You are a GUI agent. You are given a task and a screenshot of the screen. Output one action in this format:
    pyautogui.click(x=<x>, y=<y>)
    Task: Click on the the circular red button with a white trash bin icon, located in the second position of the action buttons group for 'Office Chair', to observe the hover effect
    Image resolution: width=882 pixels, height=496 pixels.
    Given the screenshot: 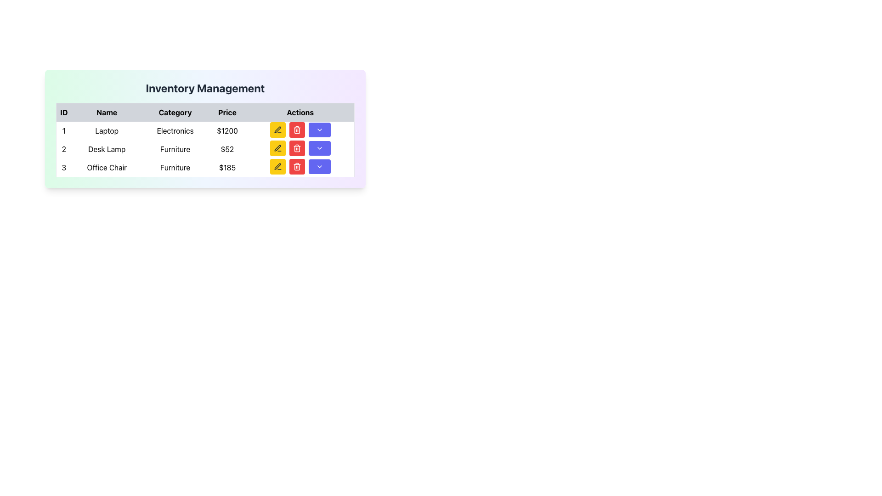 What is the action you would take?
    pyautogui.click(x=297, y=166)
    